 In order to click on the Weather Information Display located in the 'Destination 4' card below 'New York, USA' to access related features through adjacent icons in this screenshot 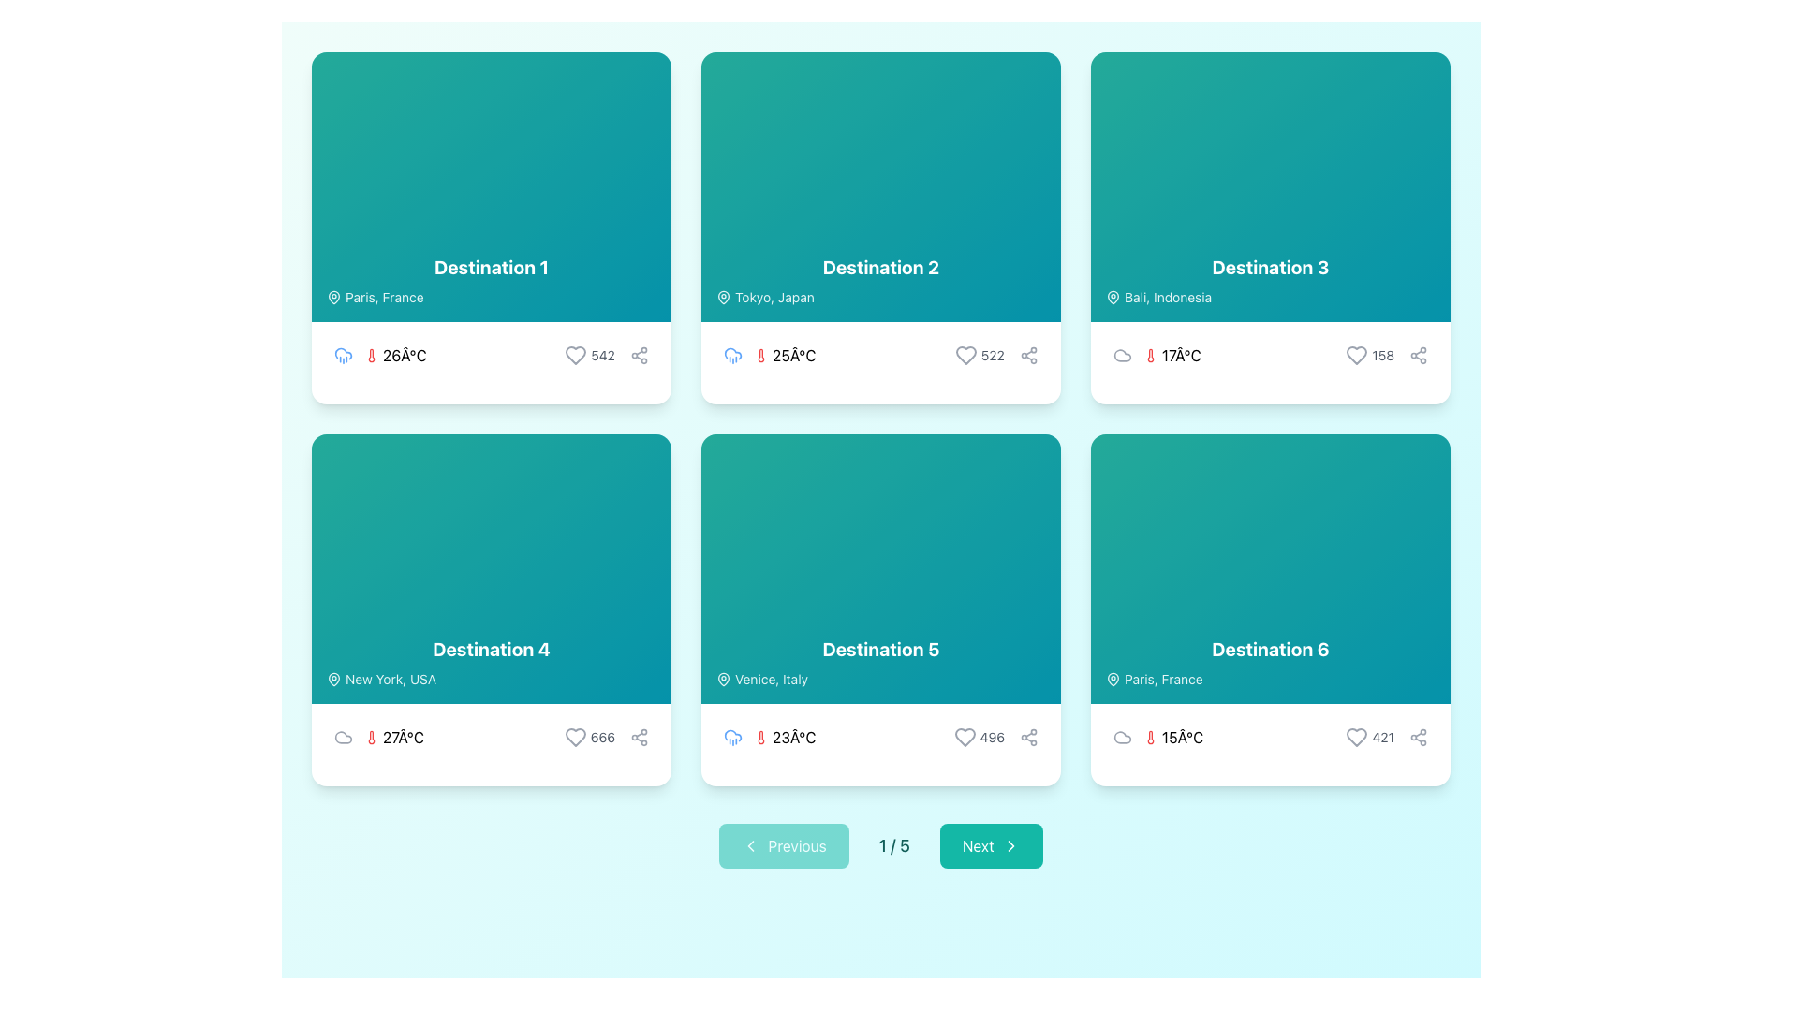, I will do `click(377, 736)`.